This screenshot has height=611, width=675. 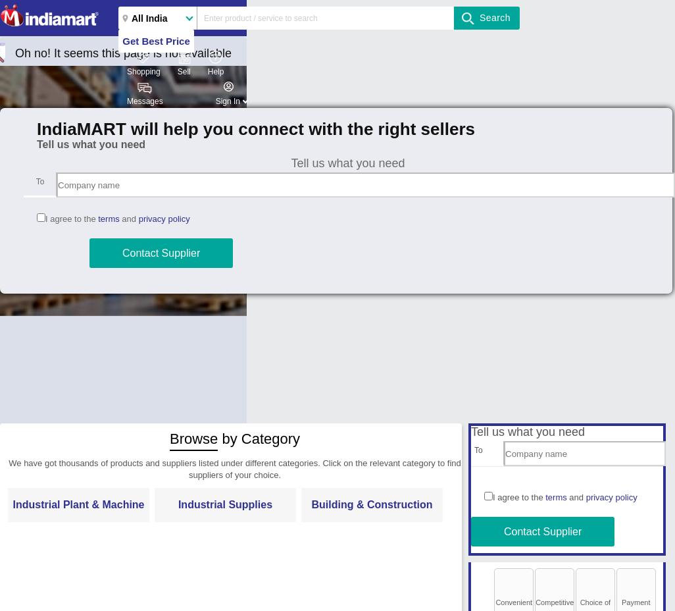 What do you see at coordinates (258, 438) in the screenshot?
I see `'by Category'` at bounding box center [258, 438].